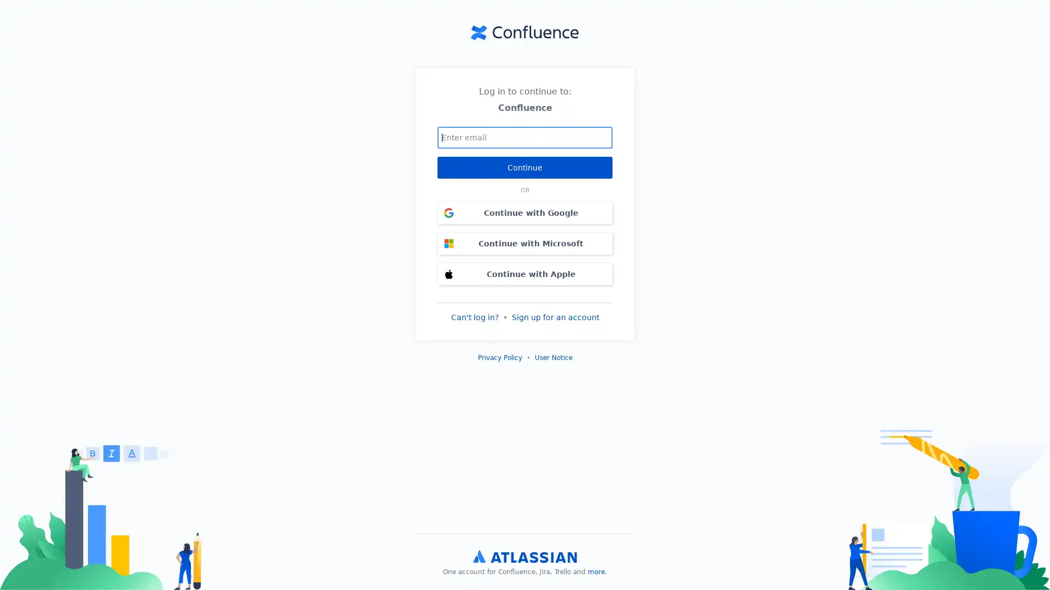 The height and width of the screenshot is (590, 1050). What do you see at coordinates (525, 213) in the screenshot?
I see `Continue with Google` at bounding box center [525, 213].